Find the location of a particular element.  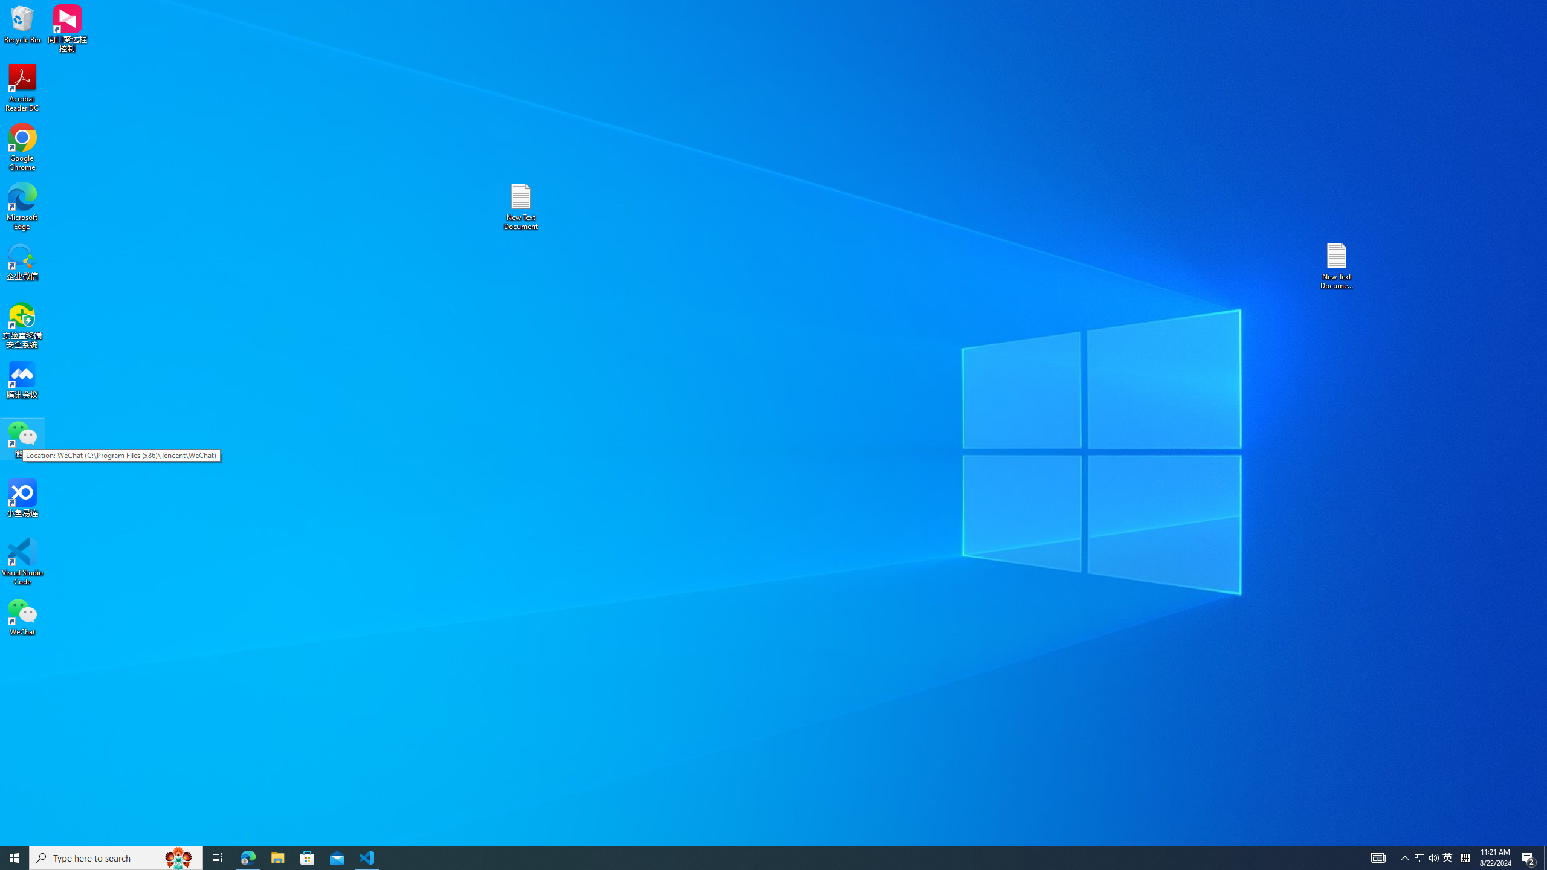

'New Text Document' is located at coordinates (520, 206).